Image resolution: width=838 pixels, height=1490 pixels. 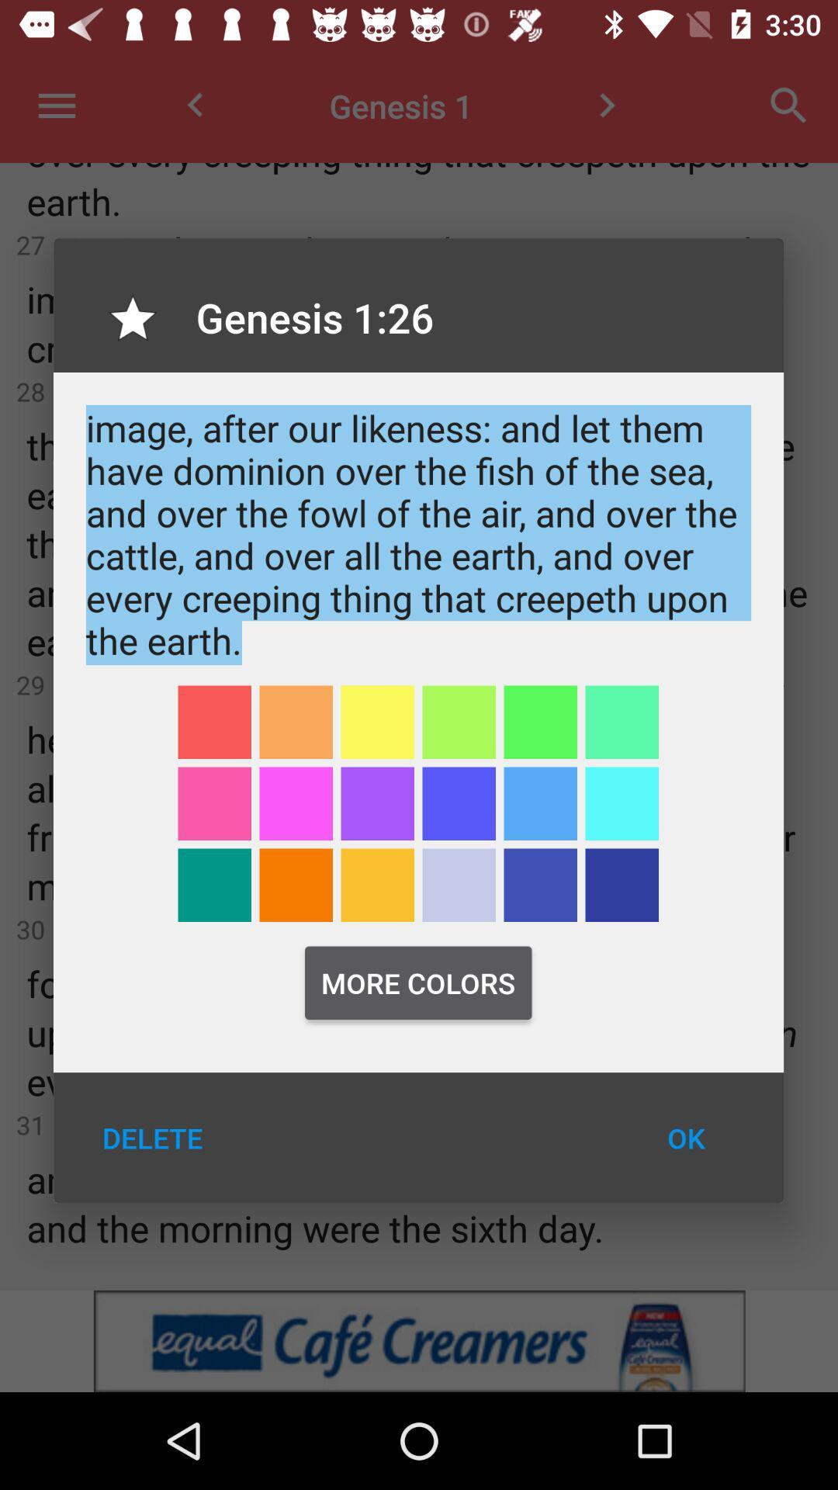 I want to click on choose color yellow, so click(x=377, y=885).